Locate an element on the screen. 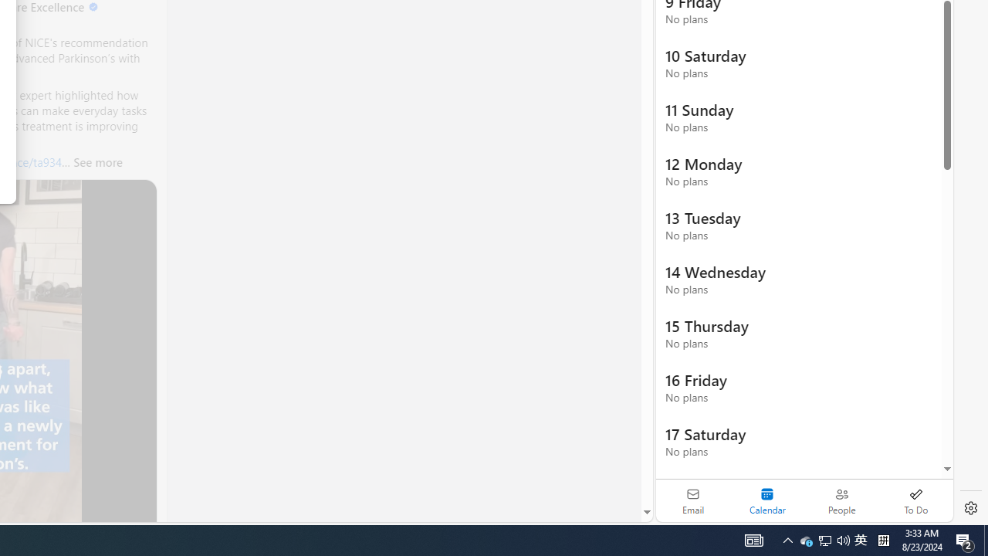  'People' is located at coordinates (841, 500).